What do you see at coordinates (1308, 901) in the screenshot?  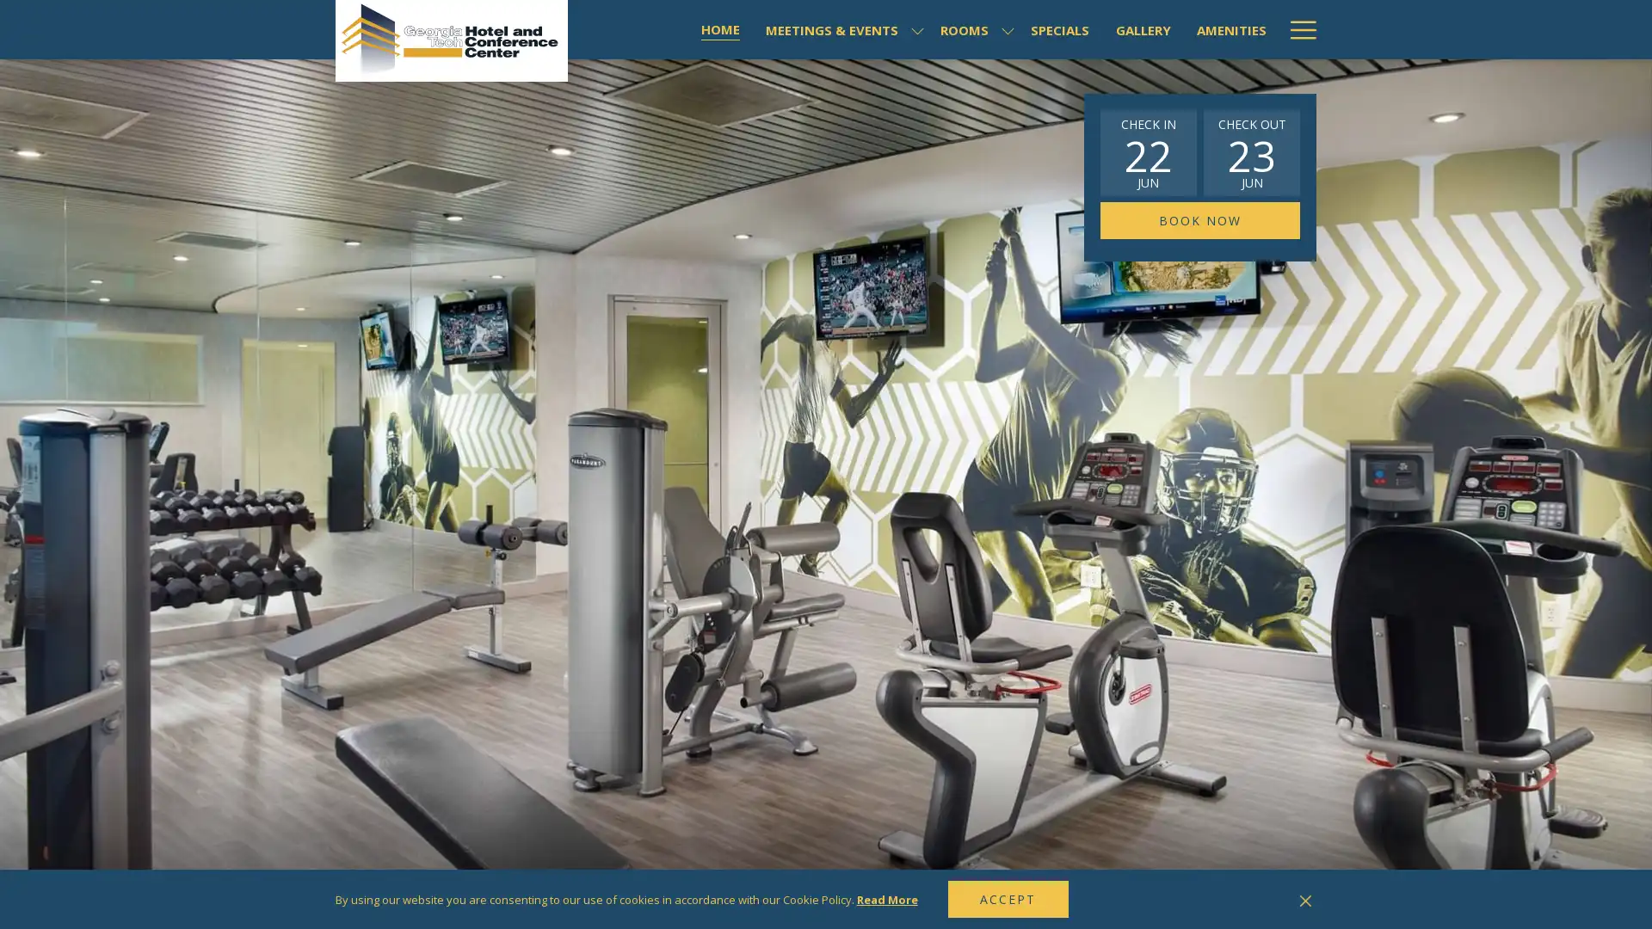 I see `Go to next slideshow element` at bounding box center [1308, 901].